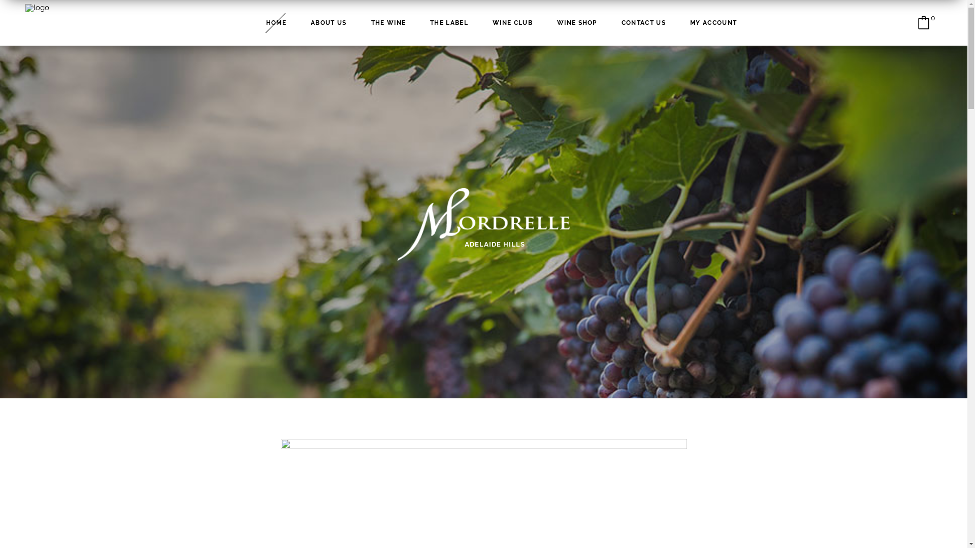 This screenshot has width=975, height=548. What do you see at coordinates (643, 23) in the screenshot?
I see `'CONTACT US'` at bounding box center [643, 23].